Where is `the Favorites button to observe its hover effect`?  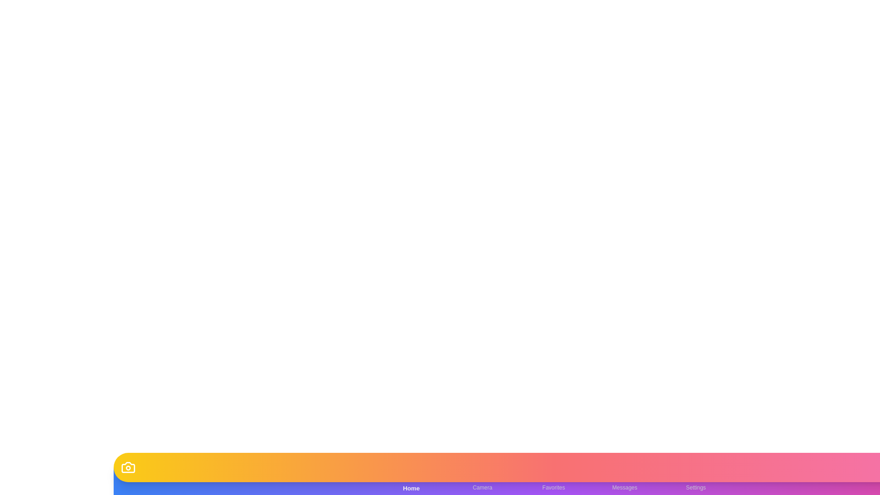
the Favorites button to observe its hover effect is located at coordinates (553, 480).